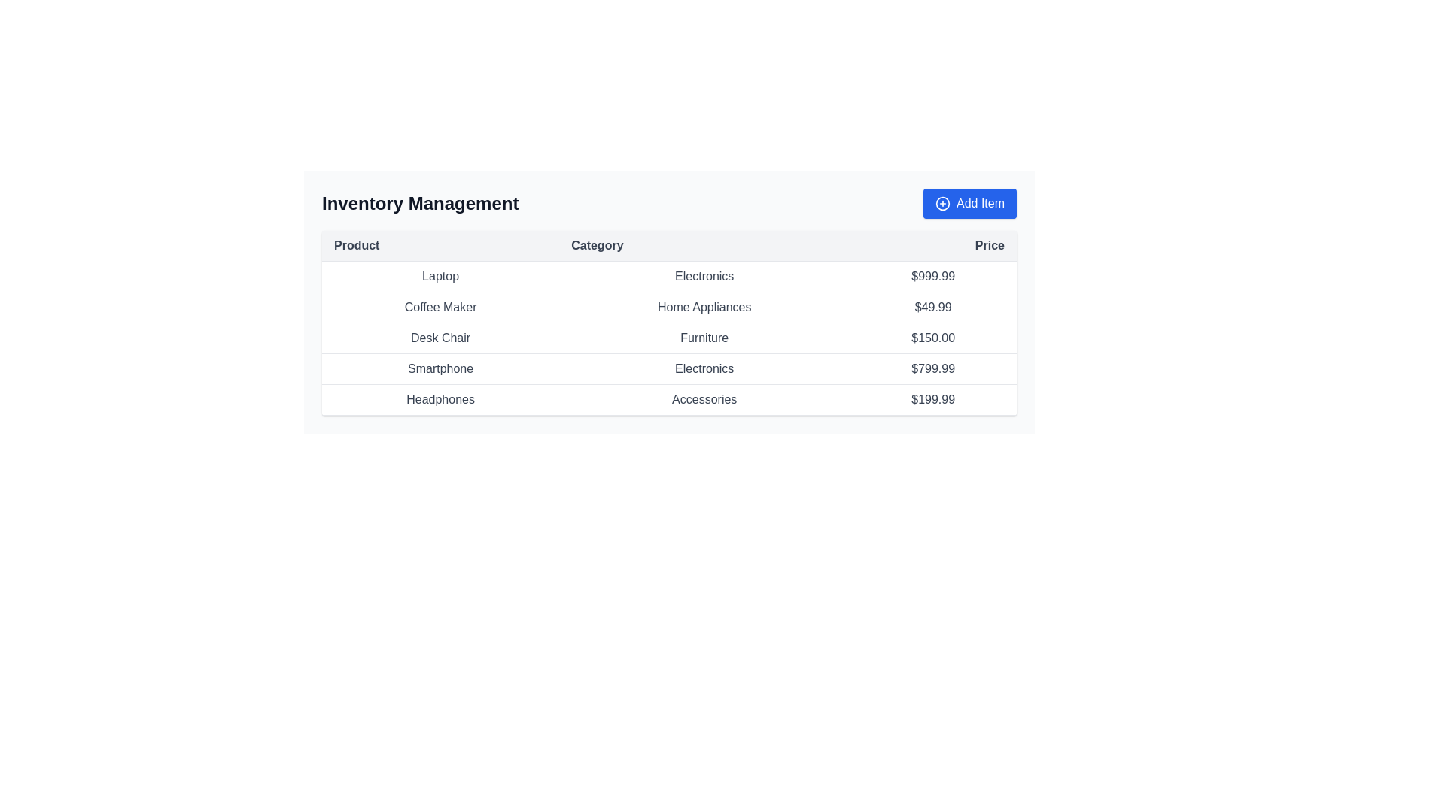  I want to click on the price text label for 'Headphones' in the last column of the Accessories category, so click(932, 399).